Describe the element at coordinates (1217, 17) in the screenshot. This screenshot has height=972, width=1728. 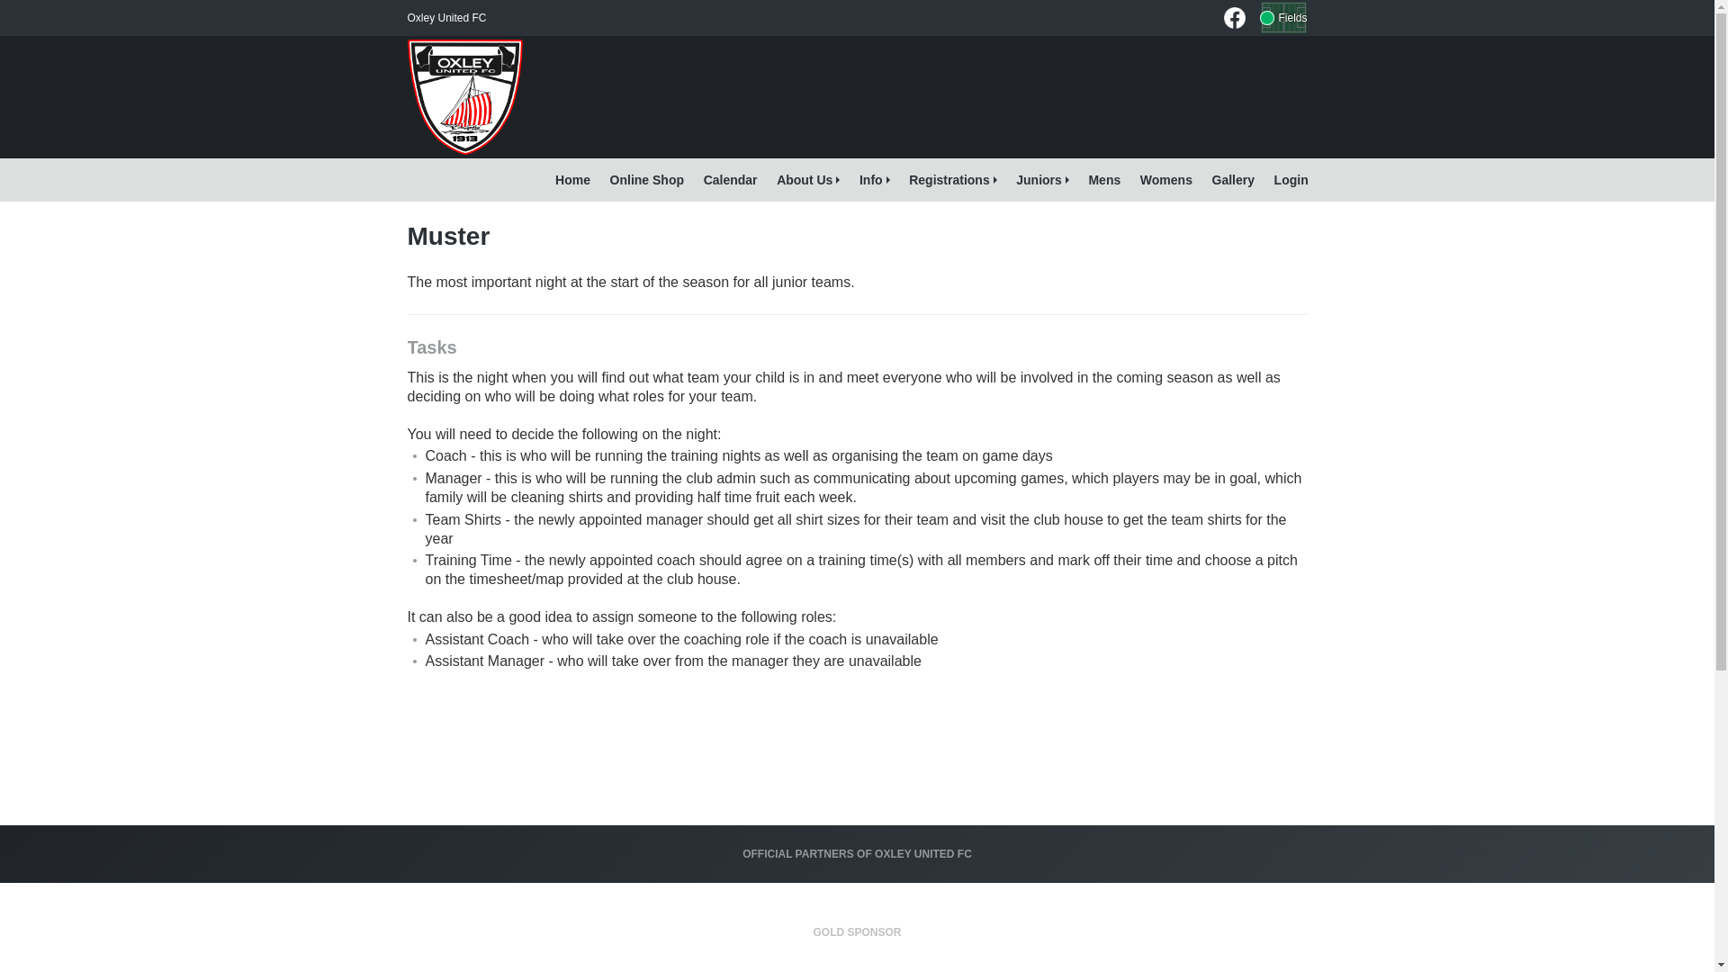
I see `'Oxley United FC on Facebook'` at that location.